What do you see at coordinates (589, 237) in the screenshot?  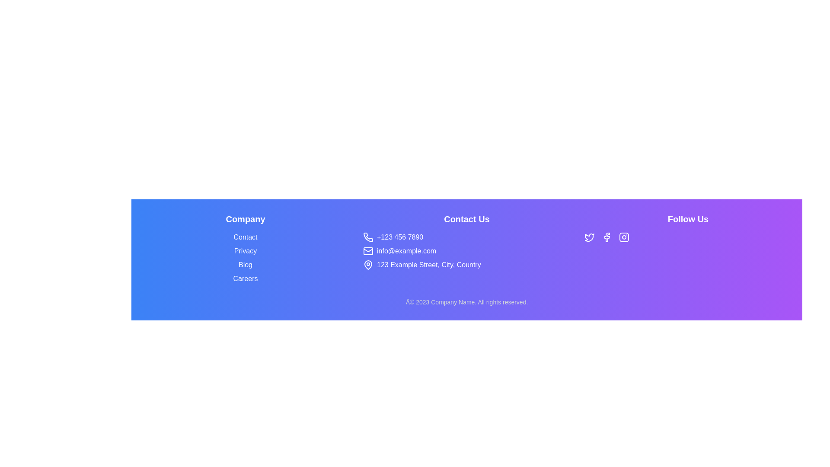 I see `the Twitter hyperlink icon located in the 'Follow Us' area, which is the first icon in a row of social media icons to the right of the 'Contact Us' section` at bounding box center [589, 237].